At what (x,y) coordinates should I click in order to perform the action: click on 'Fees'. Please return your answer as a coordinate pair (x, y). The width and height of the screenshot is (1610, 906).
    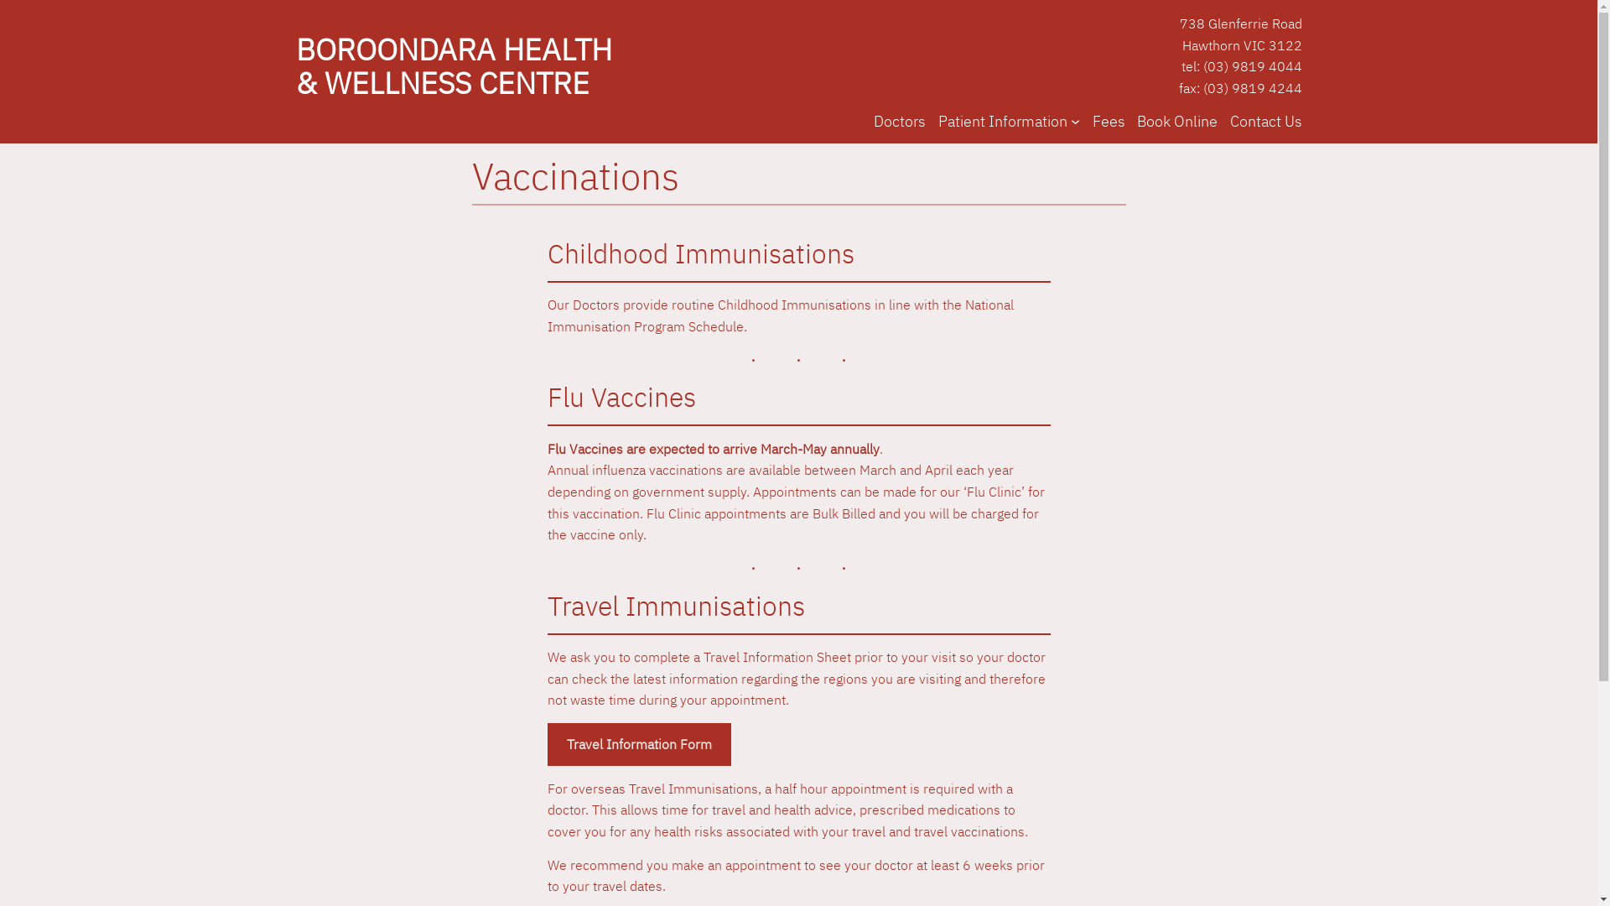
    Looking at the image, I should click on (1109, 119).